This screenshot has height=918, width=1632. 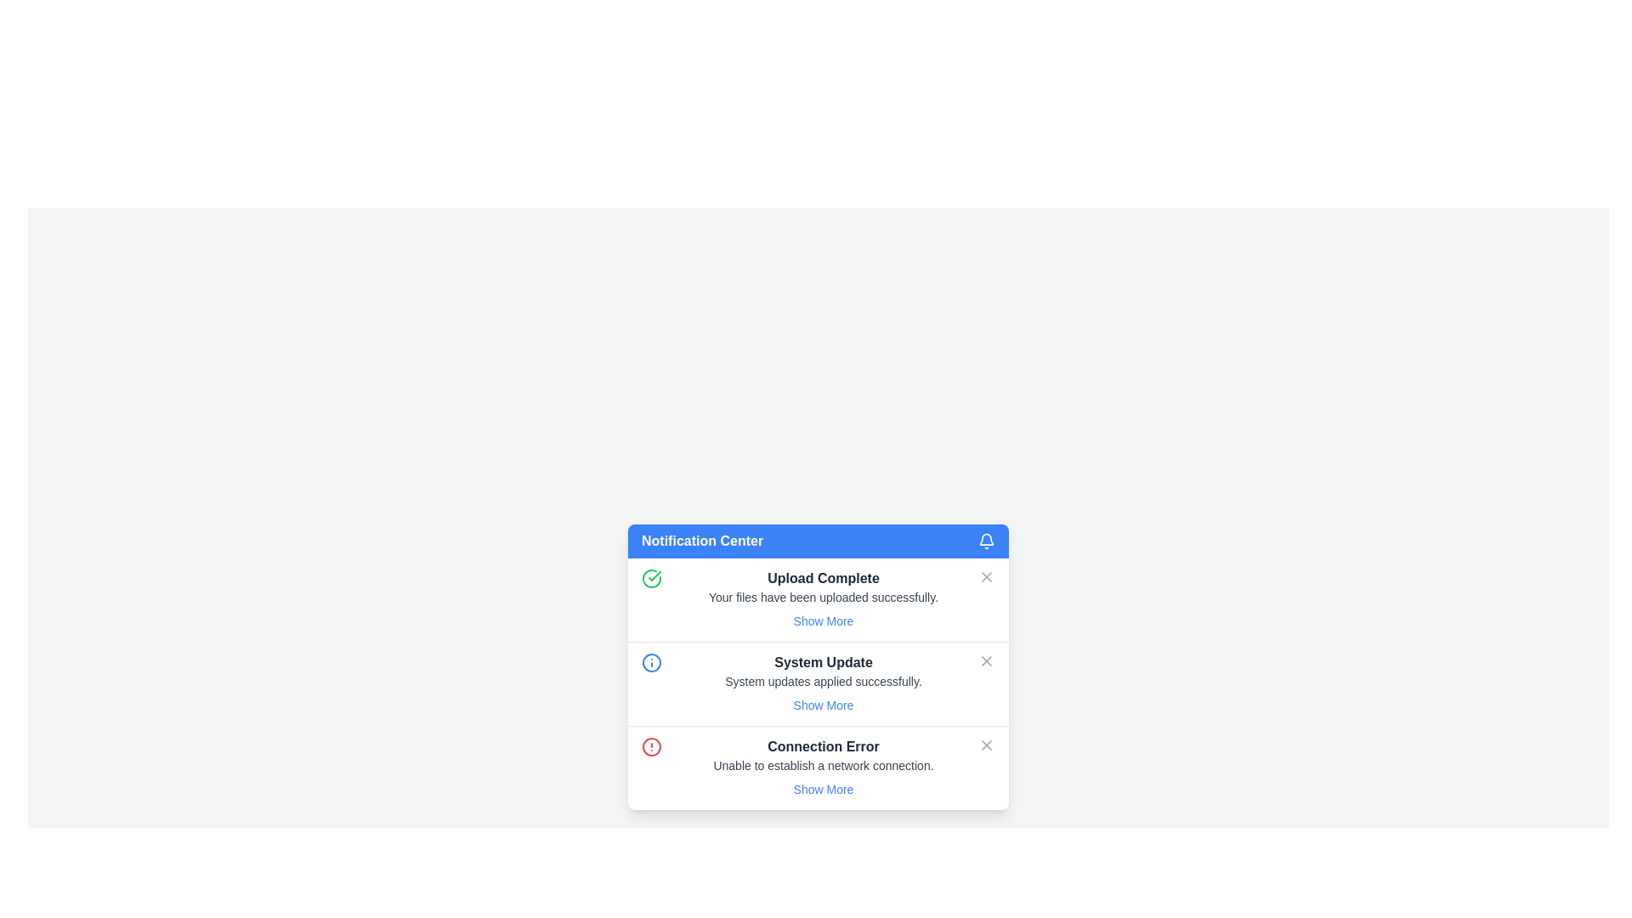 I want to click on message displaying 'Your files have been uploaded successfully.' located below the 'Upload Complete' heading in the Notification Center, so click(x=824, y=596).